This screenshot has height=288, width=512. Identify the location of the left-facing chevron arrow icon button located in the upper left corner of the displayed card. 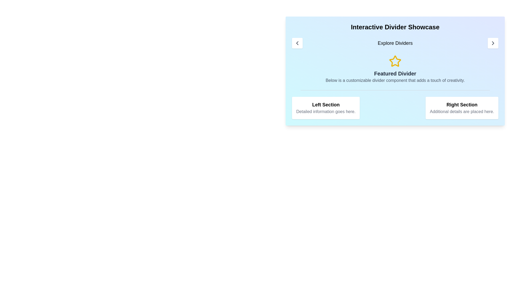
(297, 43).